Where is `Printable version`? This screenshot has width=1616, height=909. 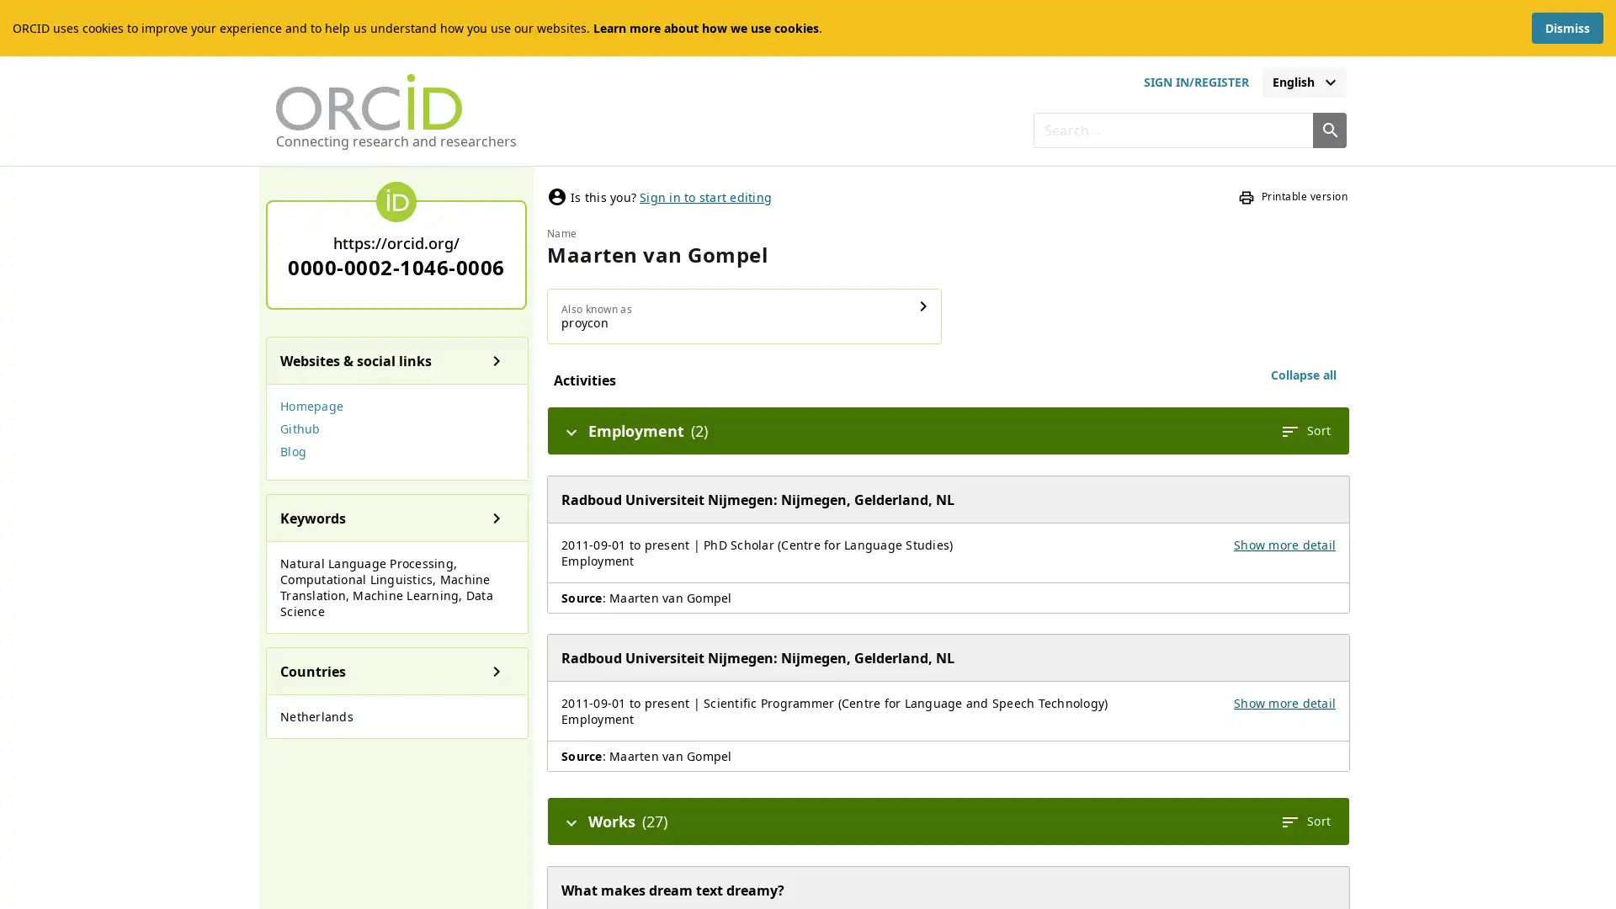
Printable version is located at coordinates (1292, 196).